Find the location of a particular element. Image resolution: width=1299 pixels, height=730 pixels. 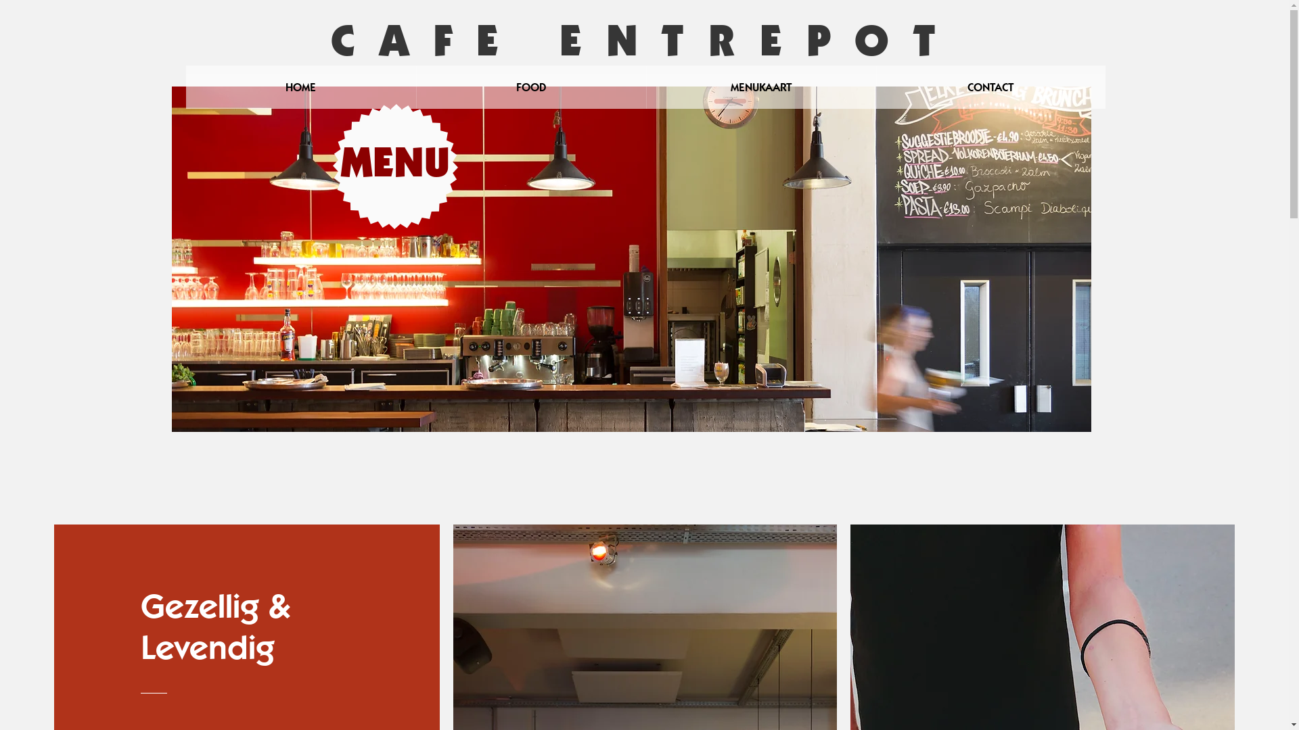

'CONTACT' is located at coordinates (990, 87).